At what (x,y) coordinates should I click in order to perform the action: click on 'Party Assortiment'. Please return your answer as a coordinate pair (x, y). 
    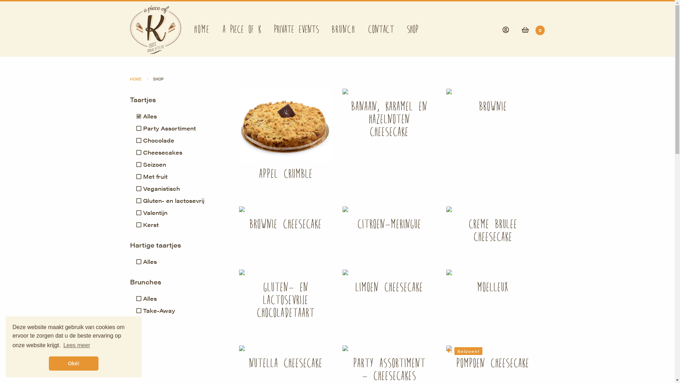
    Looking at the image, I should click on (130, 128).